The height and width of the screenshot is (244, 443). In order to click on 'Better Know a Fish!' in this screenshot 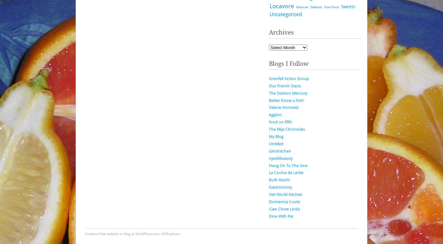, I will do `click(286, 100)`.